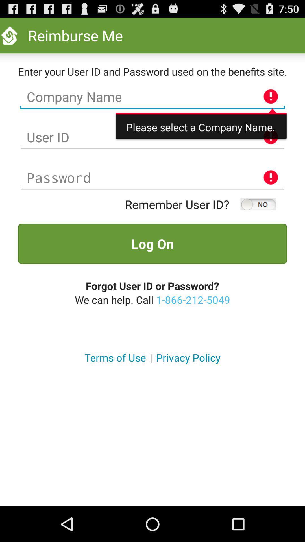 The width and height of the screenshot is (305, 542). Describe the element at coordinates (152, 137) in the screenshot. I see `the user id` at that location.